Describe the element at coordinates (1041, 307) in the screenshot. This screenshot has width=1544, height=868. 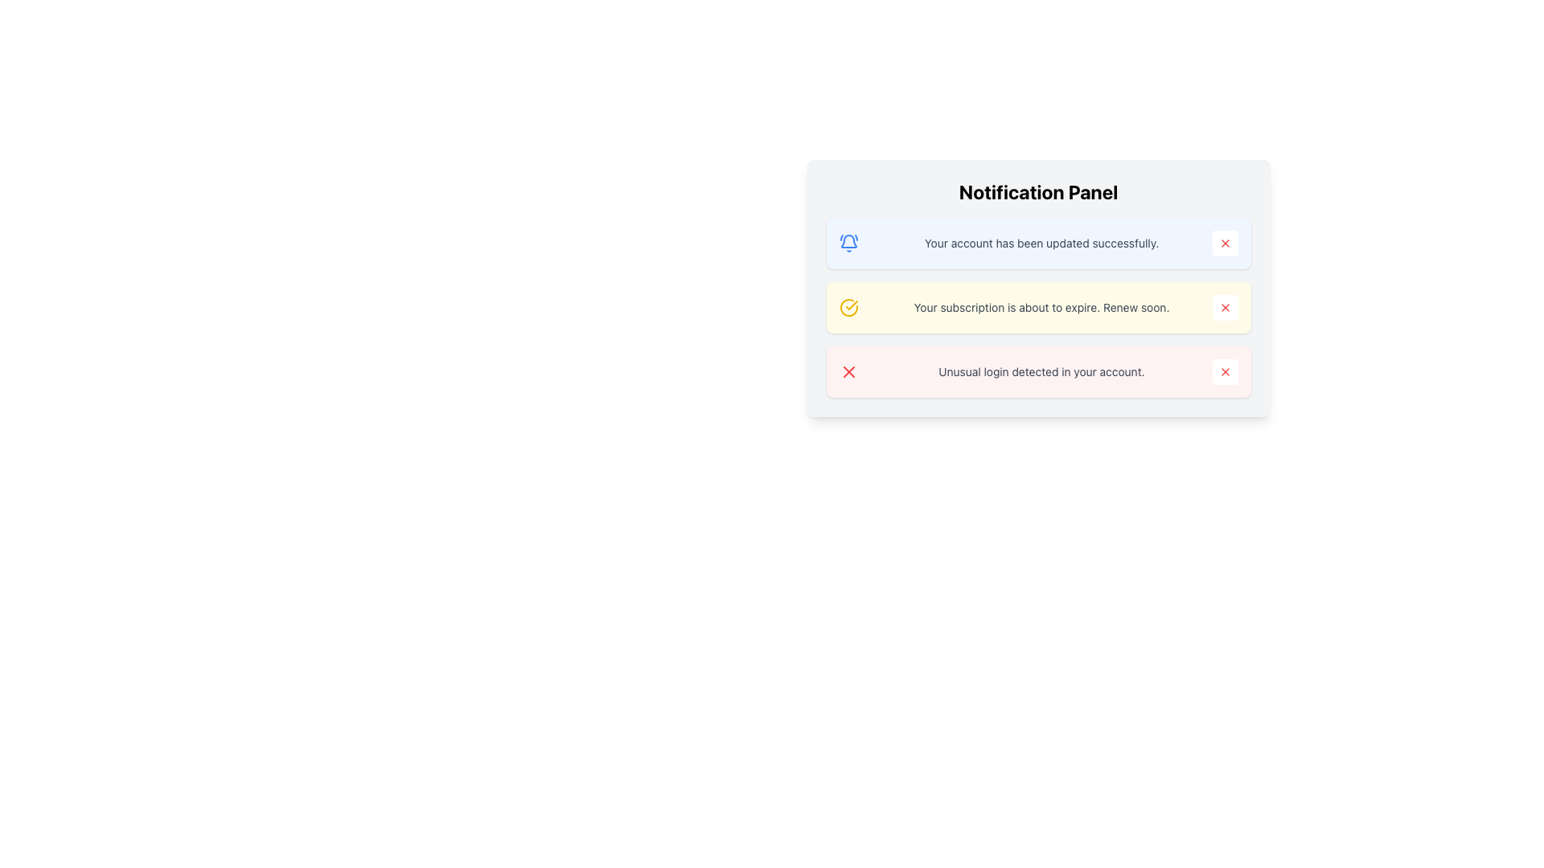
I see `the text snippet reading 'Your subscription is about to expire. Renew soon.' which is located in the middle notification box with a light yellow background` at that location.